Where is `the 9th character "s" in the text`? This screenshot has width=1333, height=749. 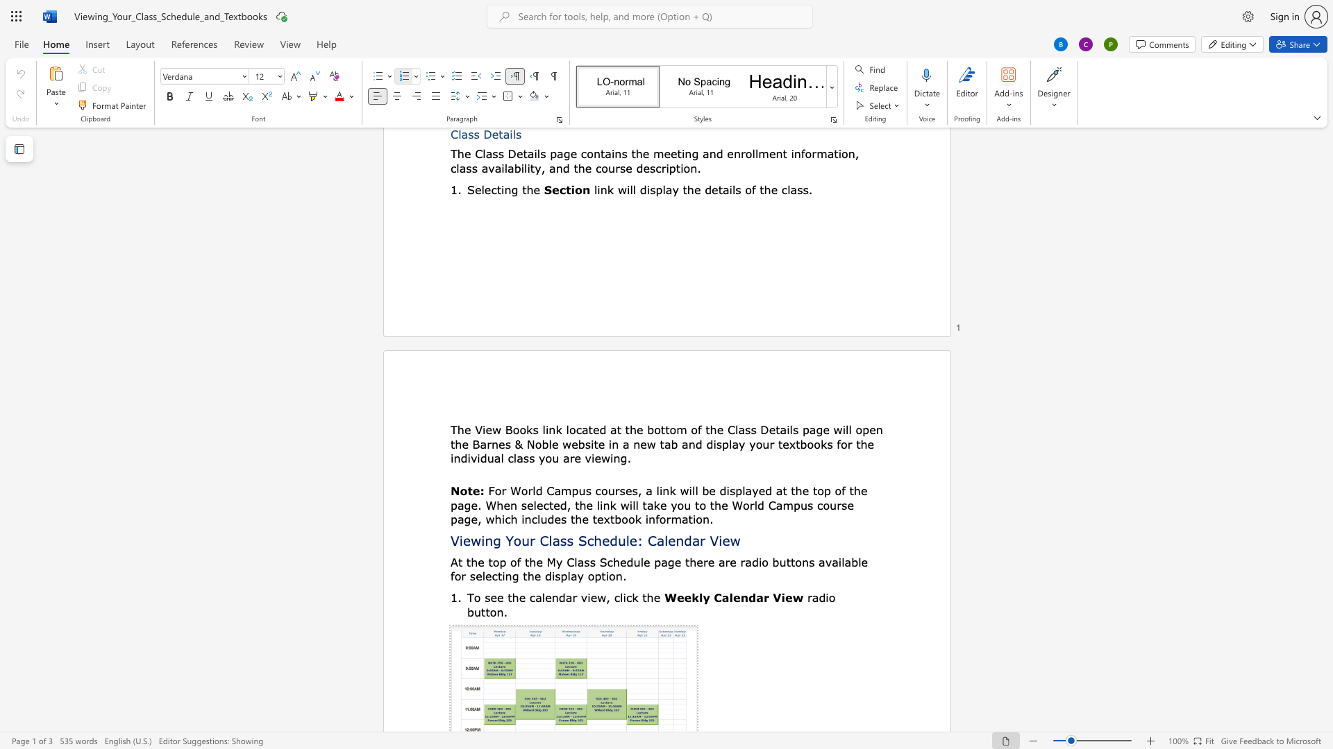
the 9th character "s" in the text is located at coordinates (531, 458).